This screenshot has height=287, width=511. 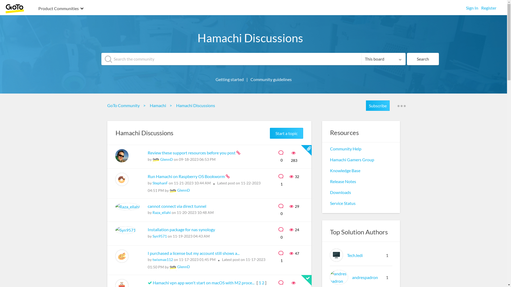 I want to click on 'Run Hamachi on Raspberry OS Bookworm', so click(x=186, y=176).